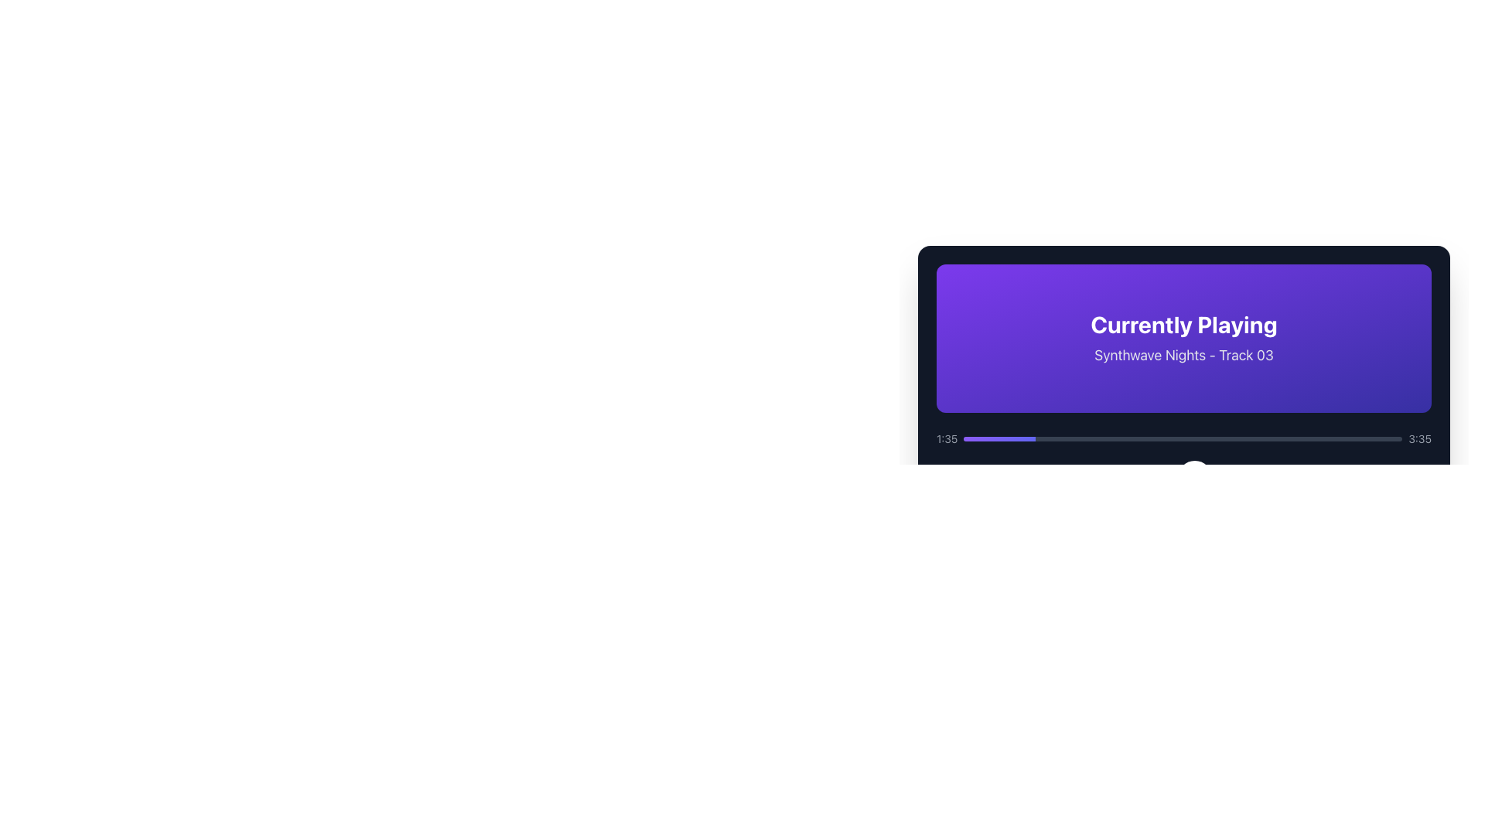  What do you see at coordinates (983, 476) in the screenshot?
I see `the progress value of the Progress Bar located at the lower center of the music player, directly below the timeline` at bounding box center [983, 476].